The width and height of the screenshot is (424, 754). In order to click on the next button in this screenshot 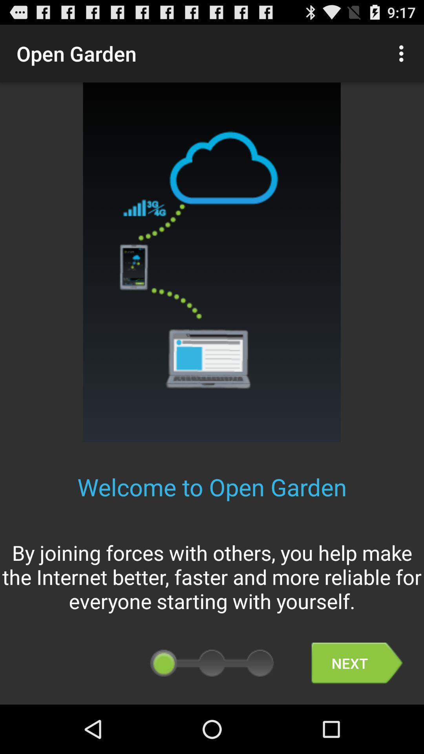, I will do `click(357, 663)`.